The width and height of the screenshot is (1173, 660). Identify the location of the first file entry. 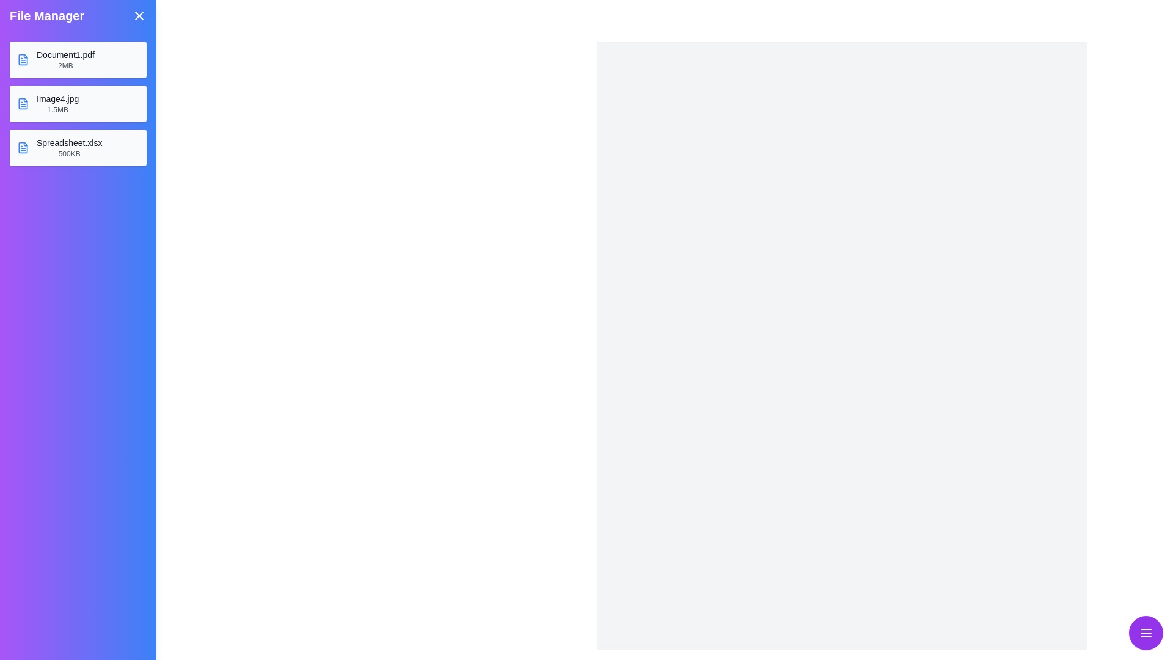
(78, 59).